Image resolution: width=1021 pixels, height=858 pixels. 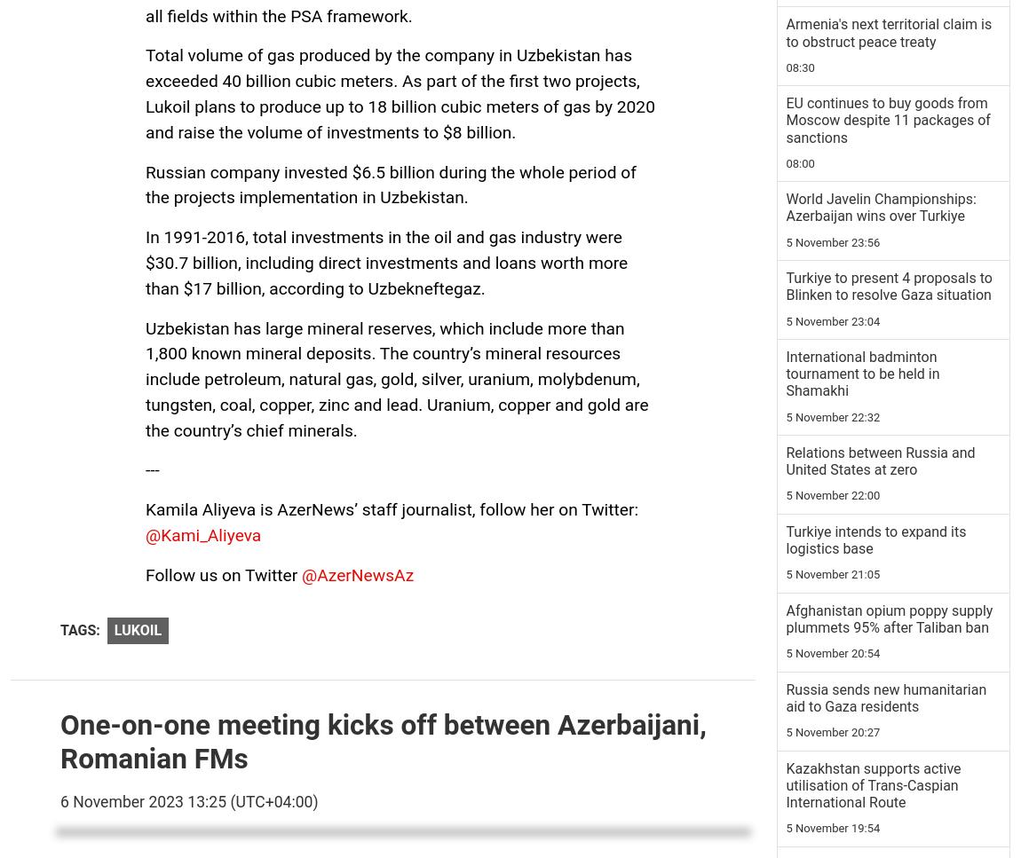 I want to click on 'Azerbaijan's Defense Ministry presents review to last week's events [VIDEO]', so click(x=879, y=523).